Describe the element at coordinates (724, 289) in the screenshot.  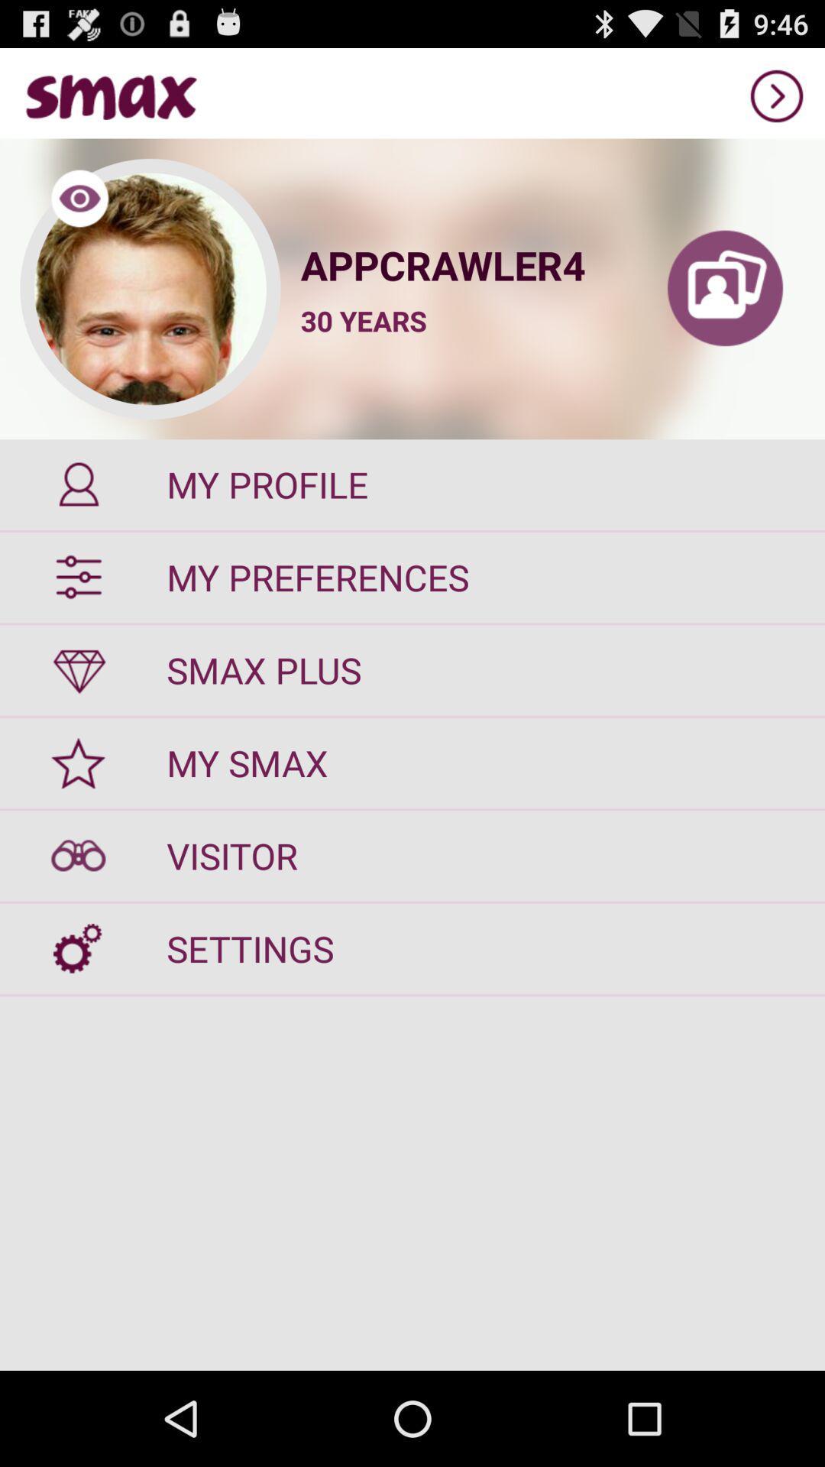
I see `the item to the right of appcrawler4` at that location.